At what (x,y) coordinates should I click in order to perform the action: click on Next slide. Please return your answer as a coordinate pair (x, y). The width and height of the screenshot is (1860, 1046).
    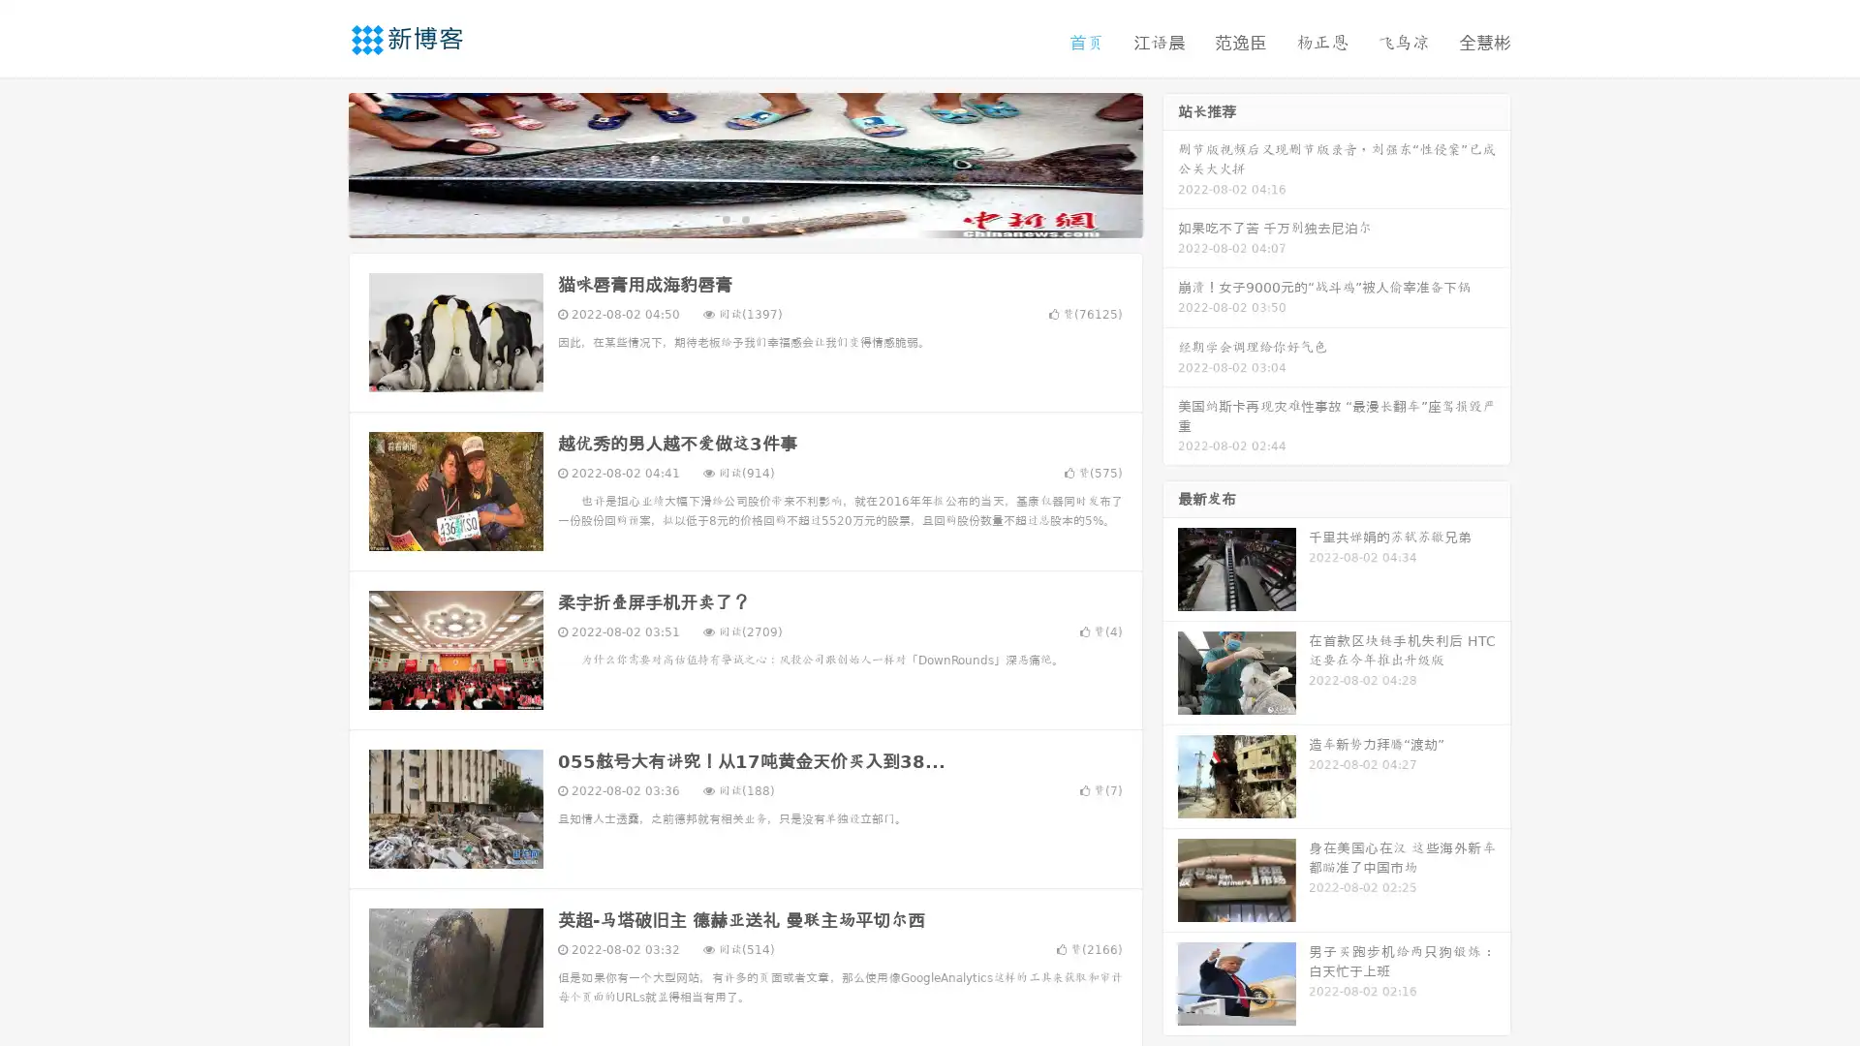
    Looking at the image, I should click on (1170, 163).